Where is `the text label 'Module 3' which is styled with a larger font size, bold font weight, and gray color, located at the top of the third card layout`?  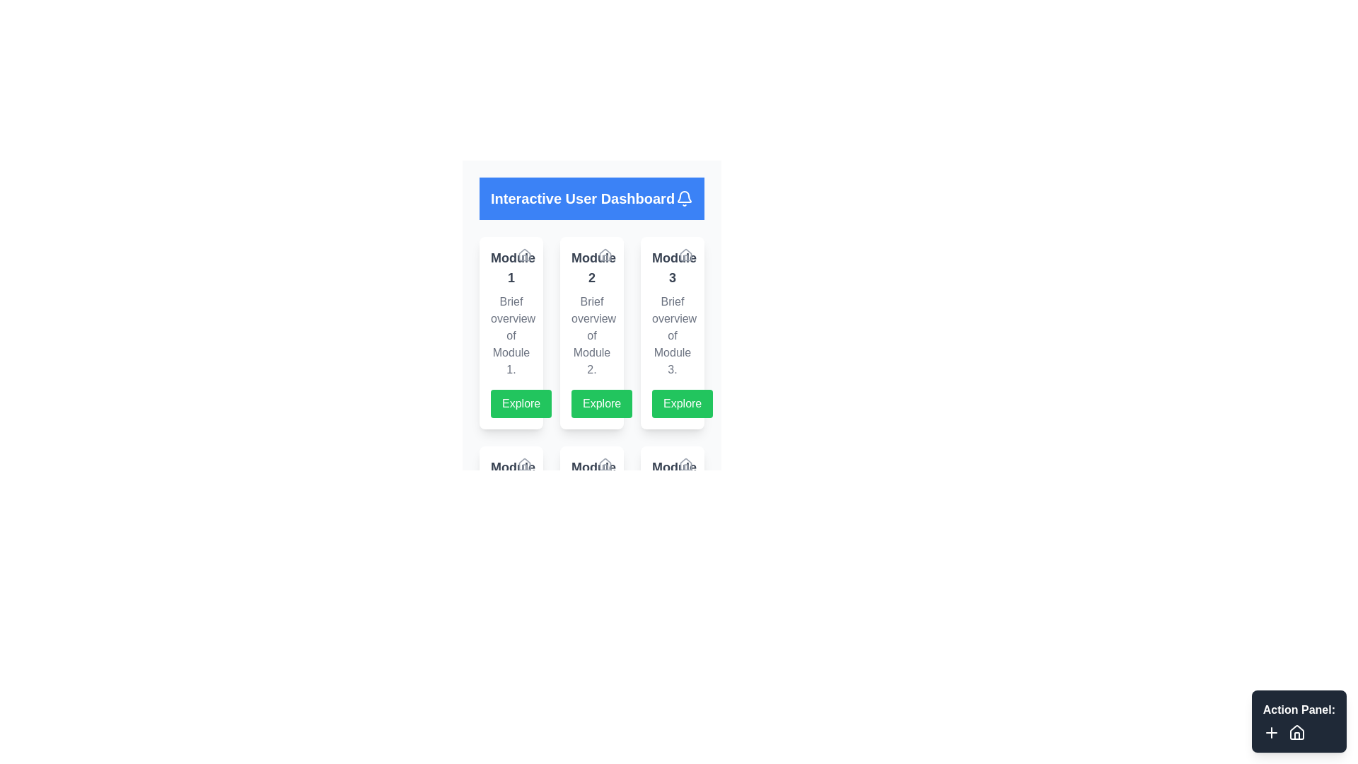 the text label 'Module 3' which is styled with a larger font size, bold font weight, and gray color, located at the top of the third card layout is located at coordinates (671, 267).